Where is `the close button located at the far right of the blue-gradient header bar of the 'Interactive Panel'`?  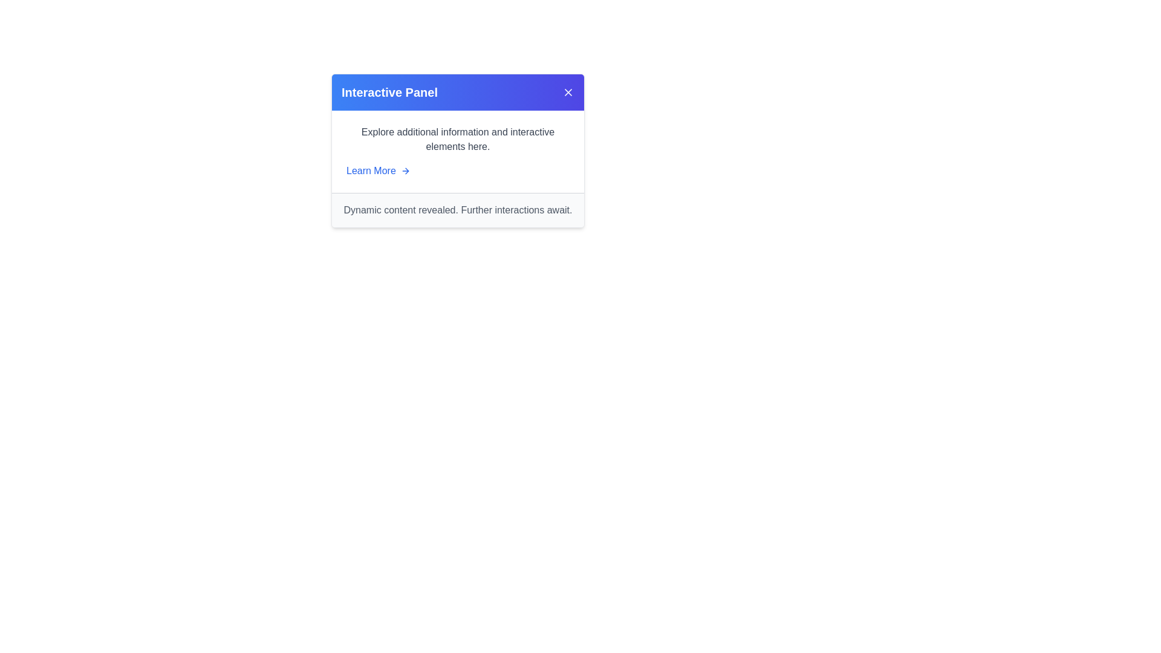
the close button located at the far right of the blue-gradient header bar of the 'Interactive Panel' is located at coordinates (568, 92).